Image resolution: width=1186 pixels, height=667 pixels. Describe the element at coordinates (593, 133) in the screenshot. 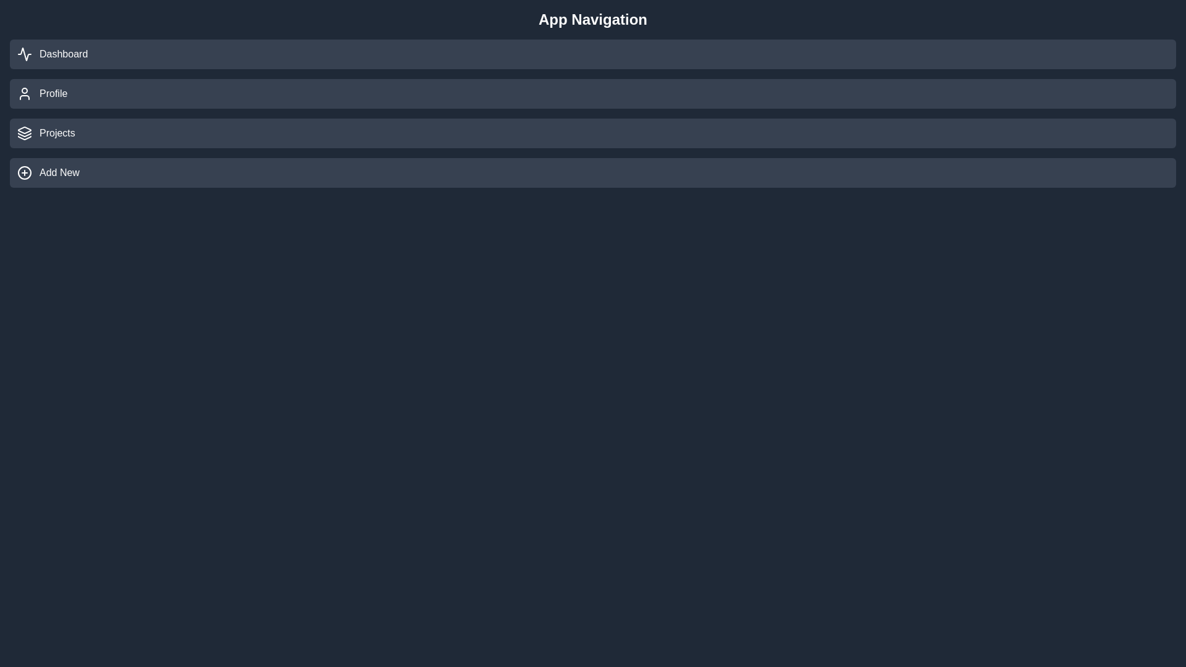

I see `the 'Projects' button in the vertical navigation menu` at that location.